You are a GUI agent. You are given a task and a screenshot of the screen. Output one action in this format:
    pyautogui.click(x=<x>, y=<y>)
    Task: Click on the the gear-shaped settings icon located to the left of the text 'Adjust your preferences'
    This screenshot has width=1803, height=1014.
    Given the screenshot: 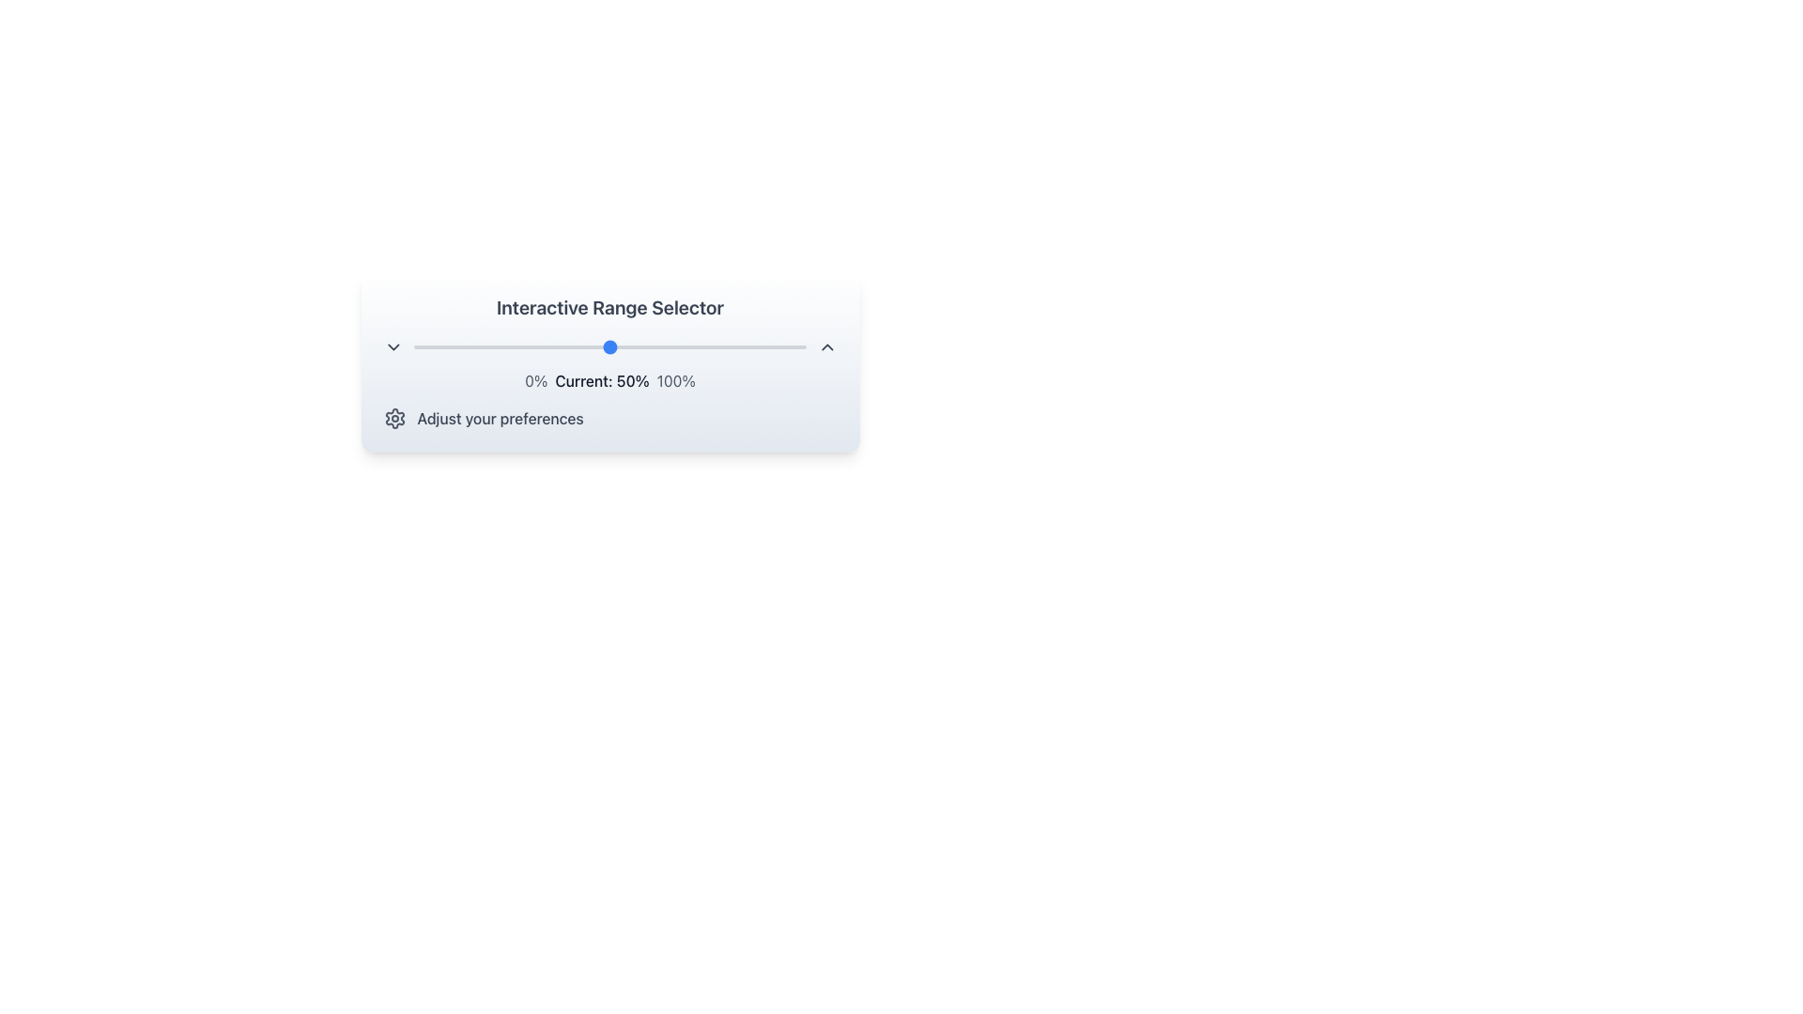 What is the action you would take?
    pyautogui.click(x=393, y=418)
    